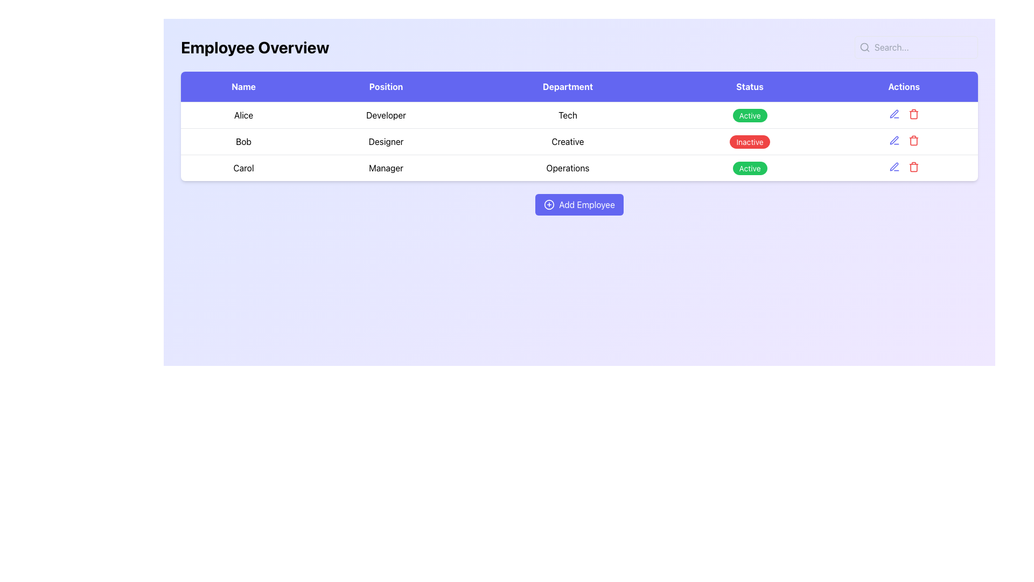  What do you see at coordinates (567, 168) in the screenshot?
I see `the text label displaying 'Operations' which is the third item in the row under the 'Department' column in the 'Employee Overview' table` at bounding box center [567, 168].